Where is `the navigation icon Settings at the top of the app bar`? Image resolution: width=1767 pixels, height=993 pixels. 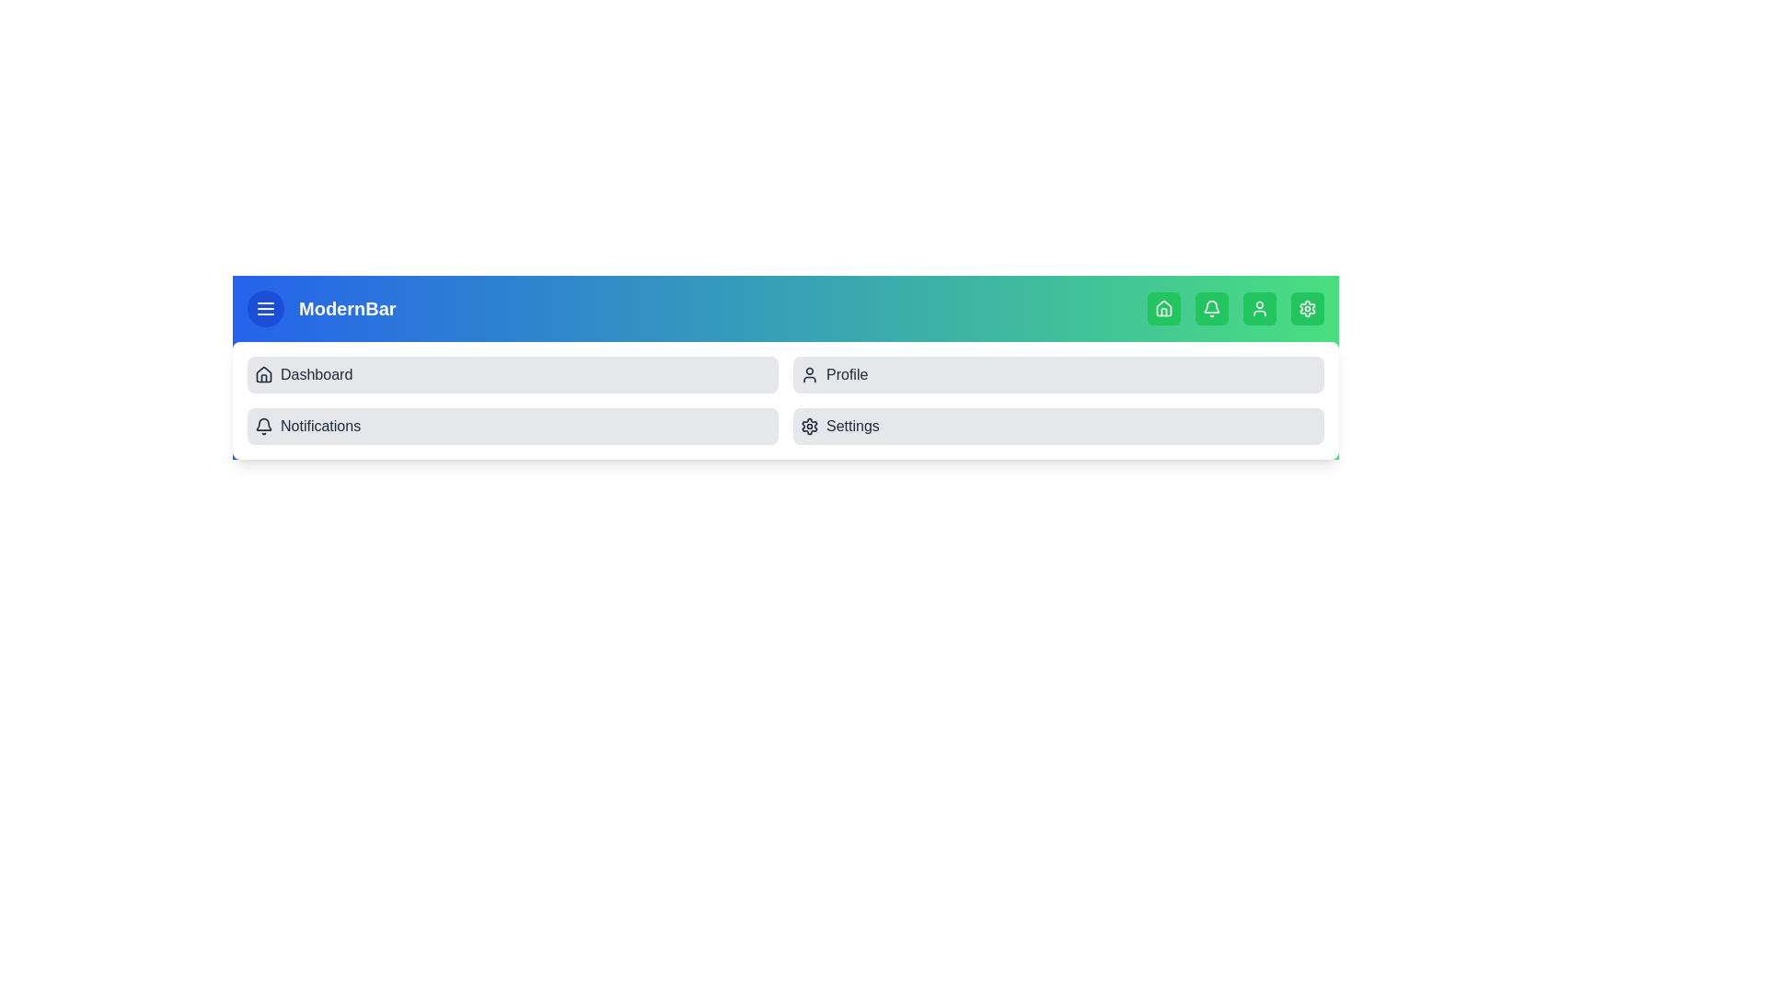 the navigation icon Settings at the top of the app bar is located at coordinates (1306, 307).